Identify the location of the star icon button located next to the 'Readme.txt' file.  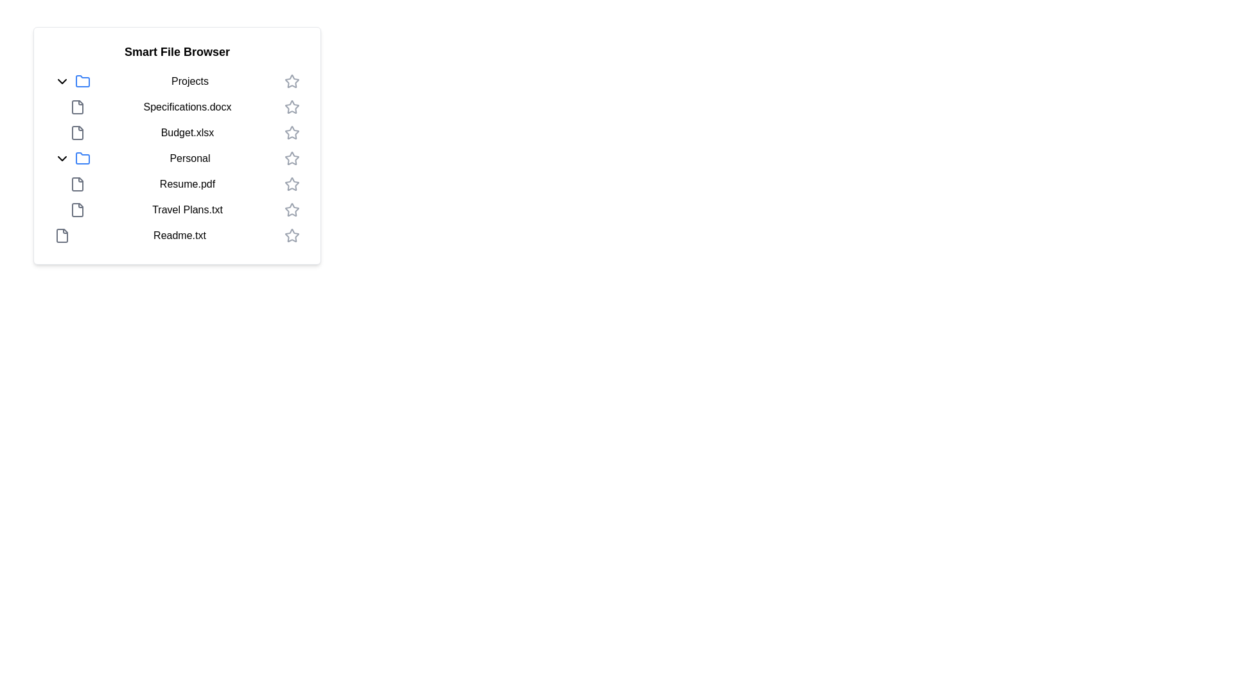
(292, 235).